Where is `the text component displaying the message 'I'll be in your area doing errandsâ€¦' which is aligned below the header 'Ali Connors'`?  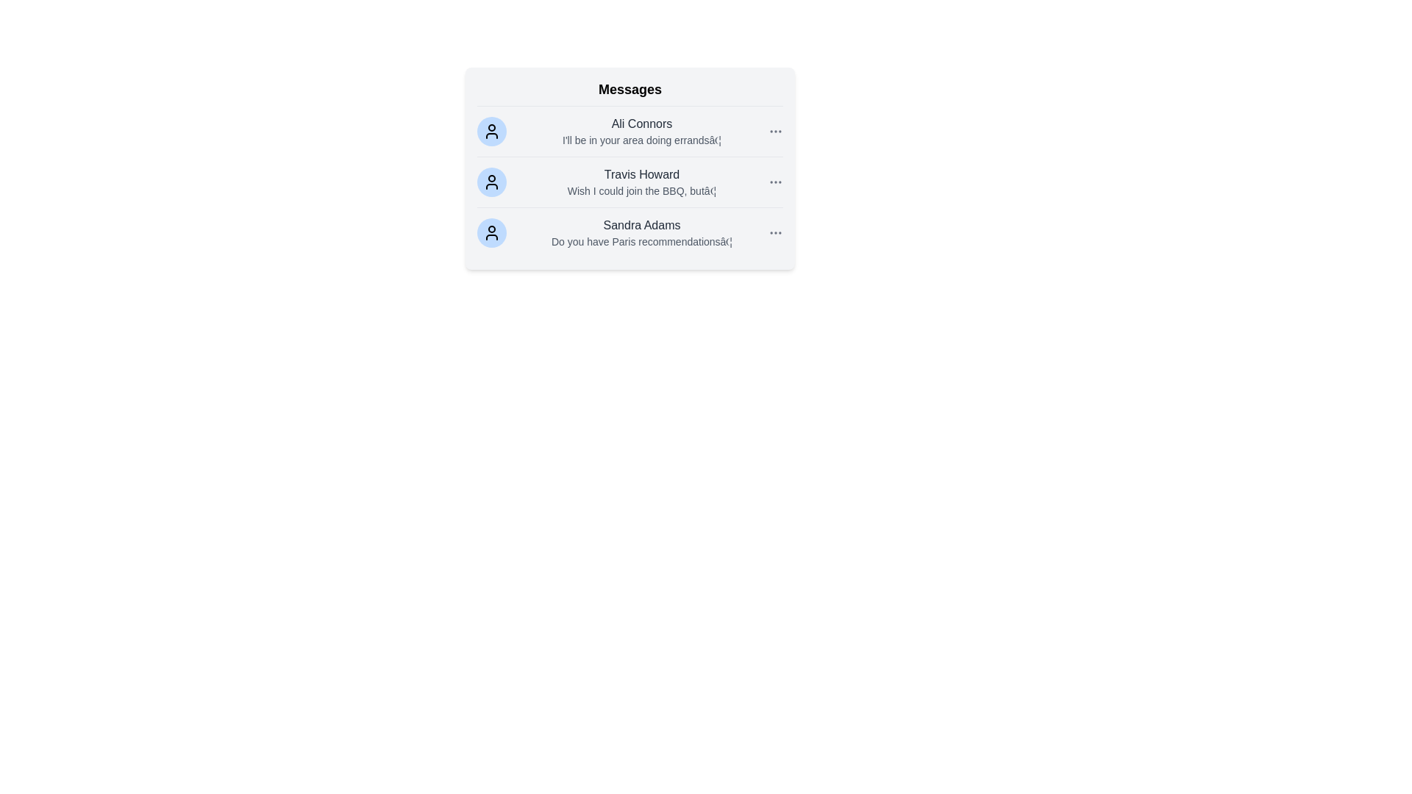
the text component displaying the message 'I'll be in your area doing errandsâ€¦' which is aligned below the header 'Ali Connors' is located at coordinates (642, 140).